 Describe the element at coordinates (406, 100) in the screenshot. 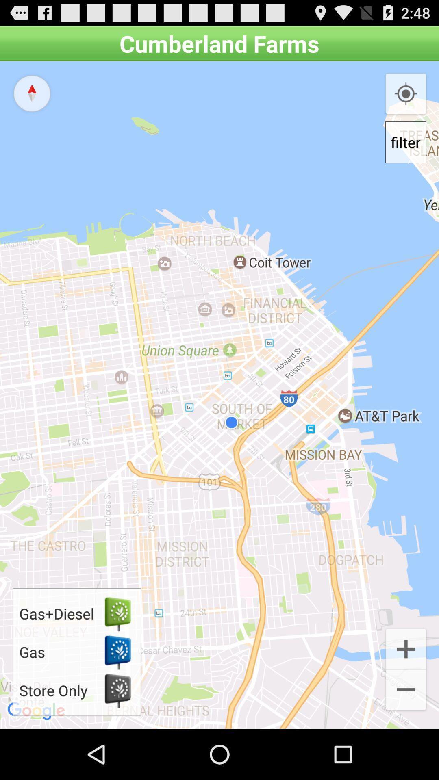

I see `the location_crosshair icon` at that location.